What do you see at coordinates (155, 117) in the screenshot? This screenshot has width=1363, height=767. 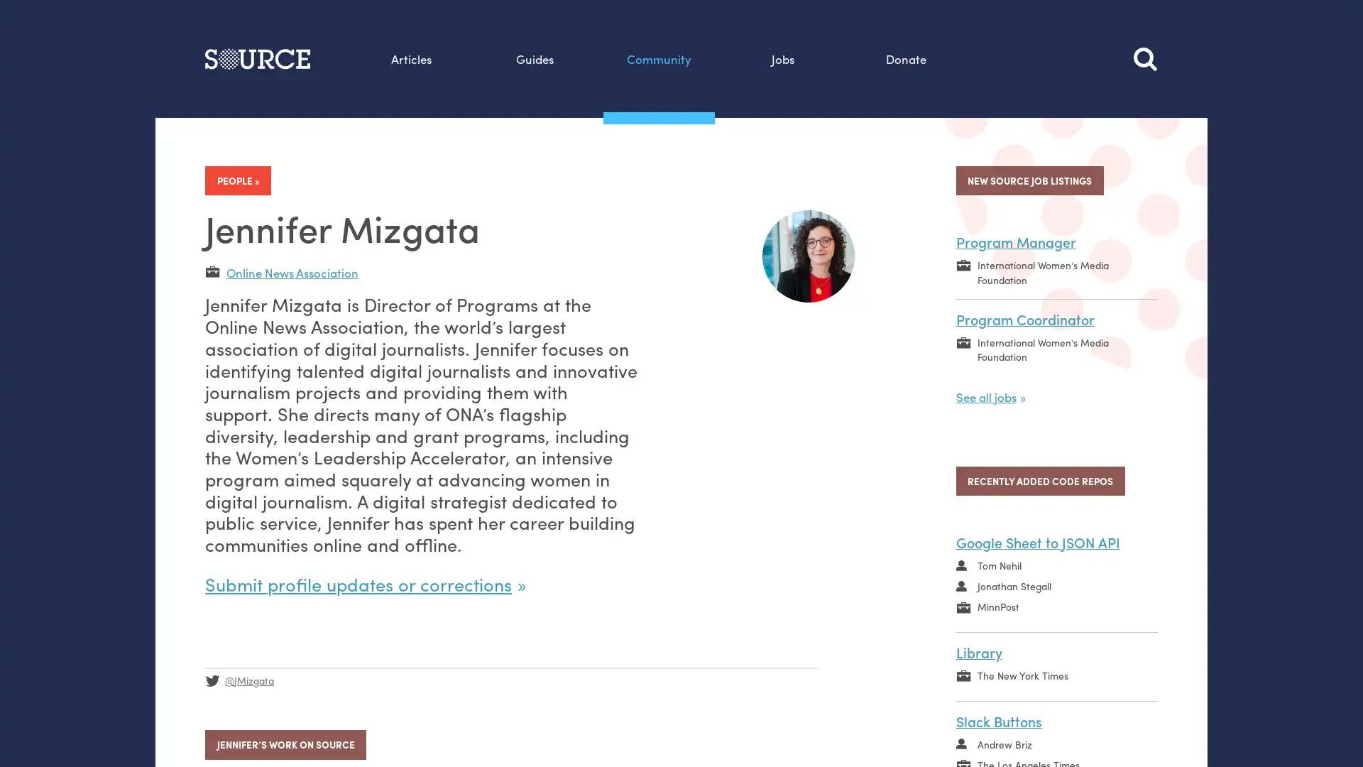 I see `Search this site` at bounding box center [155, 117].